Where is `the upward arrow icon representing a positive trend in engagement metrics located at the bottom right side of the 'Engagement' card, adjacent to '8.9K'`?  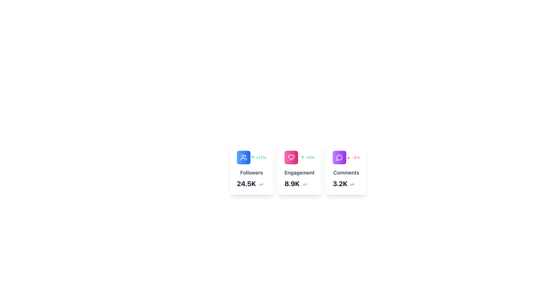 the upward arrow icon representing a positive trend in engagement metrics located at the bottom right side of the 'Engagement' card, adjacent to '8.9K' is located at coordinates (304, 184).